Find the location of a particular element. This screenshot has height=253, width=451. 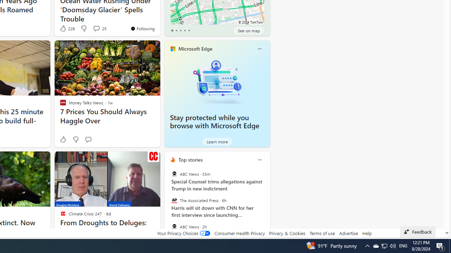

'You' is located at coordinates (142, 28).